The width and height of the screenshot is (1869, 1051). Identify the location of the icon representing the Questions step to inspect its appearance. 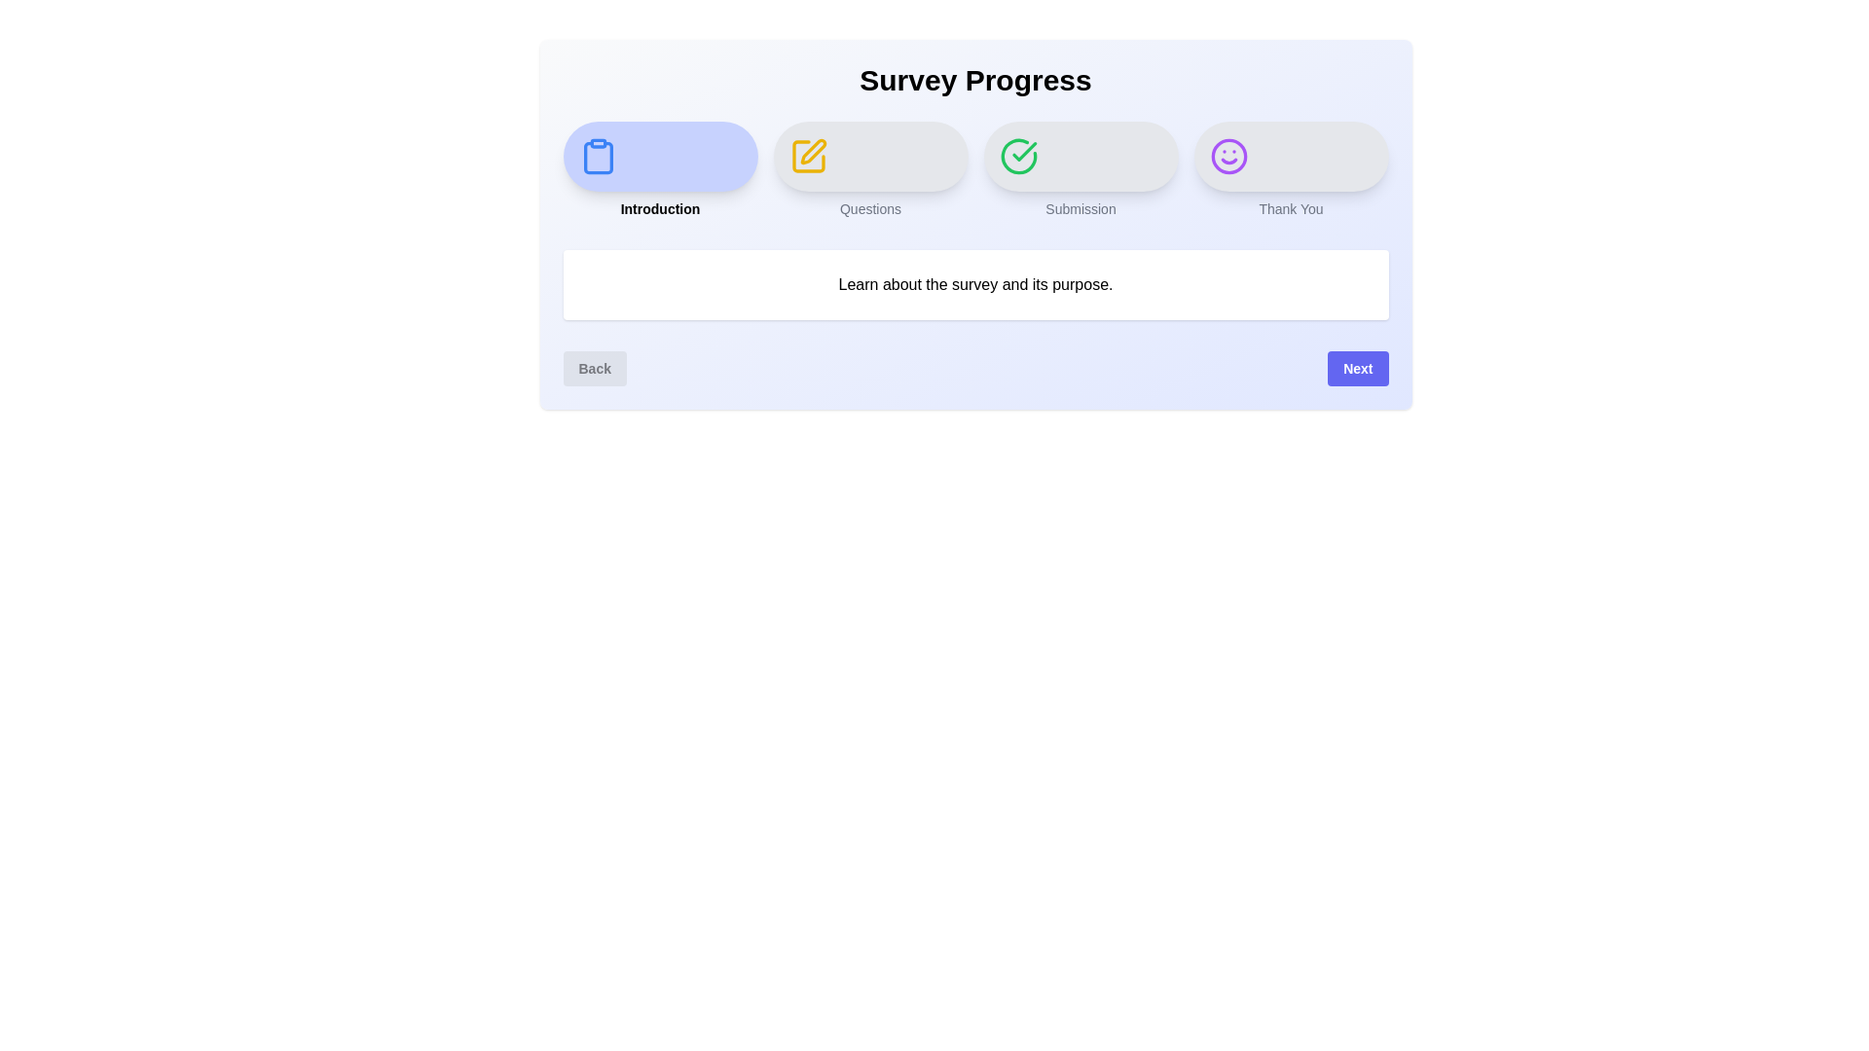
(808, 156).